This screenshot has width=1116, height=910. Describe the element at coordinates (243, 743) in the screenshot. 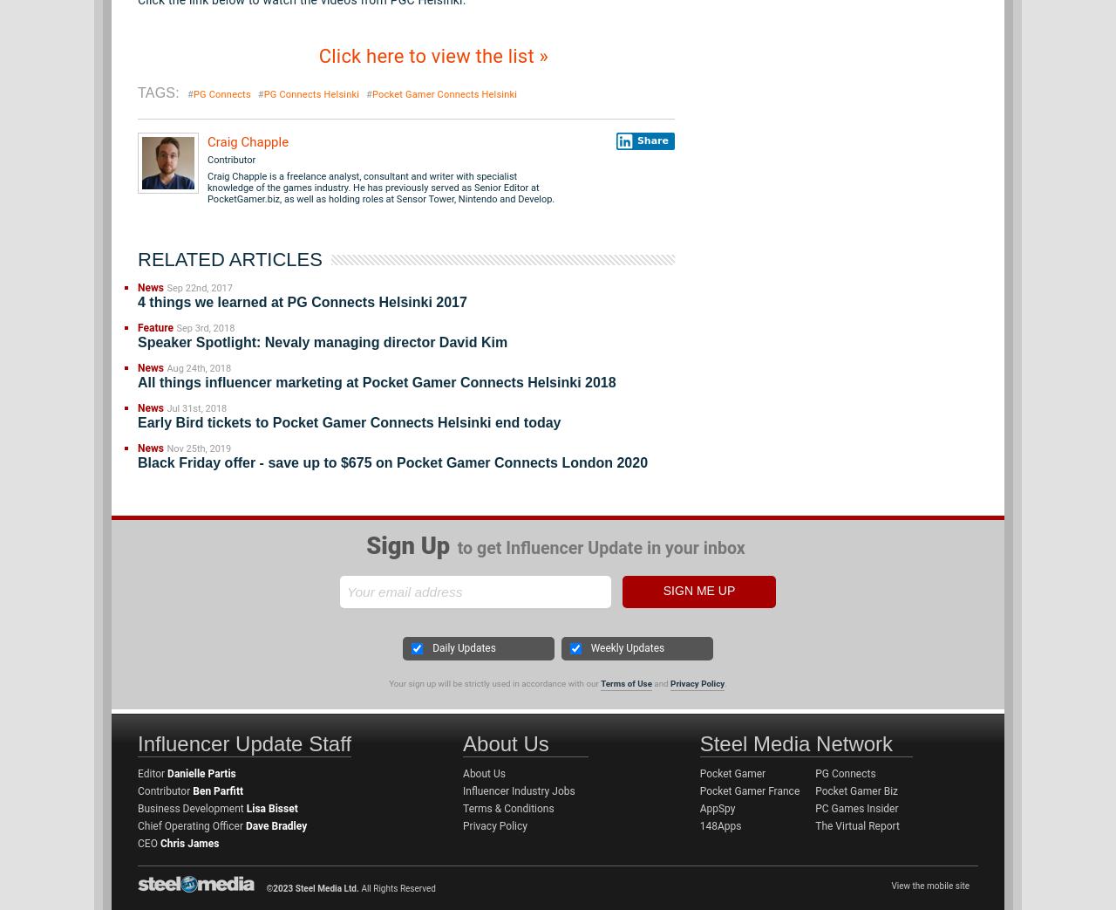

I see `'Influencer Update Staff'` at that location.